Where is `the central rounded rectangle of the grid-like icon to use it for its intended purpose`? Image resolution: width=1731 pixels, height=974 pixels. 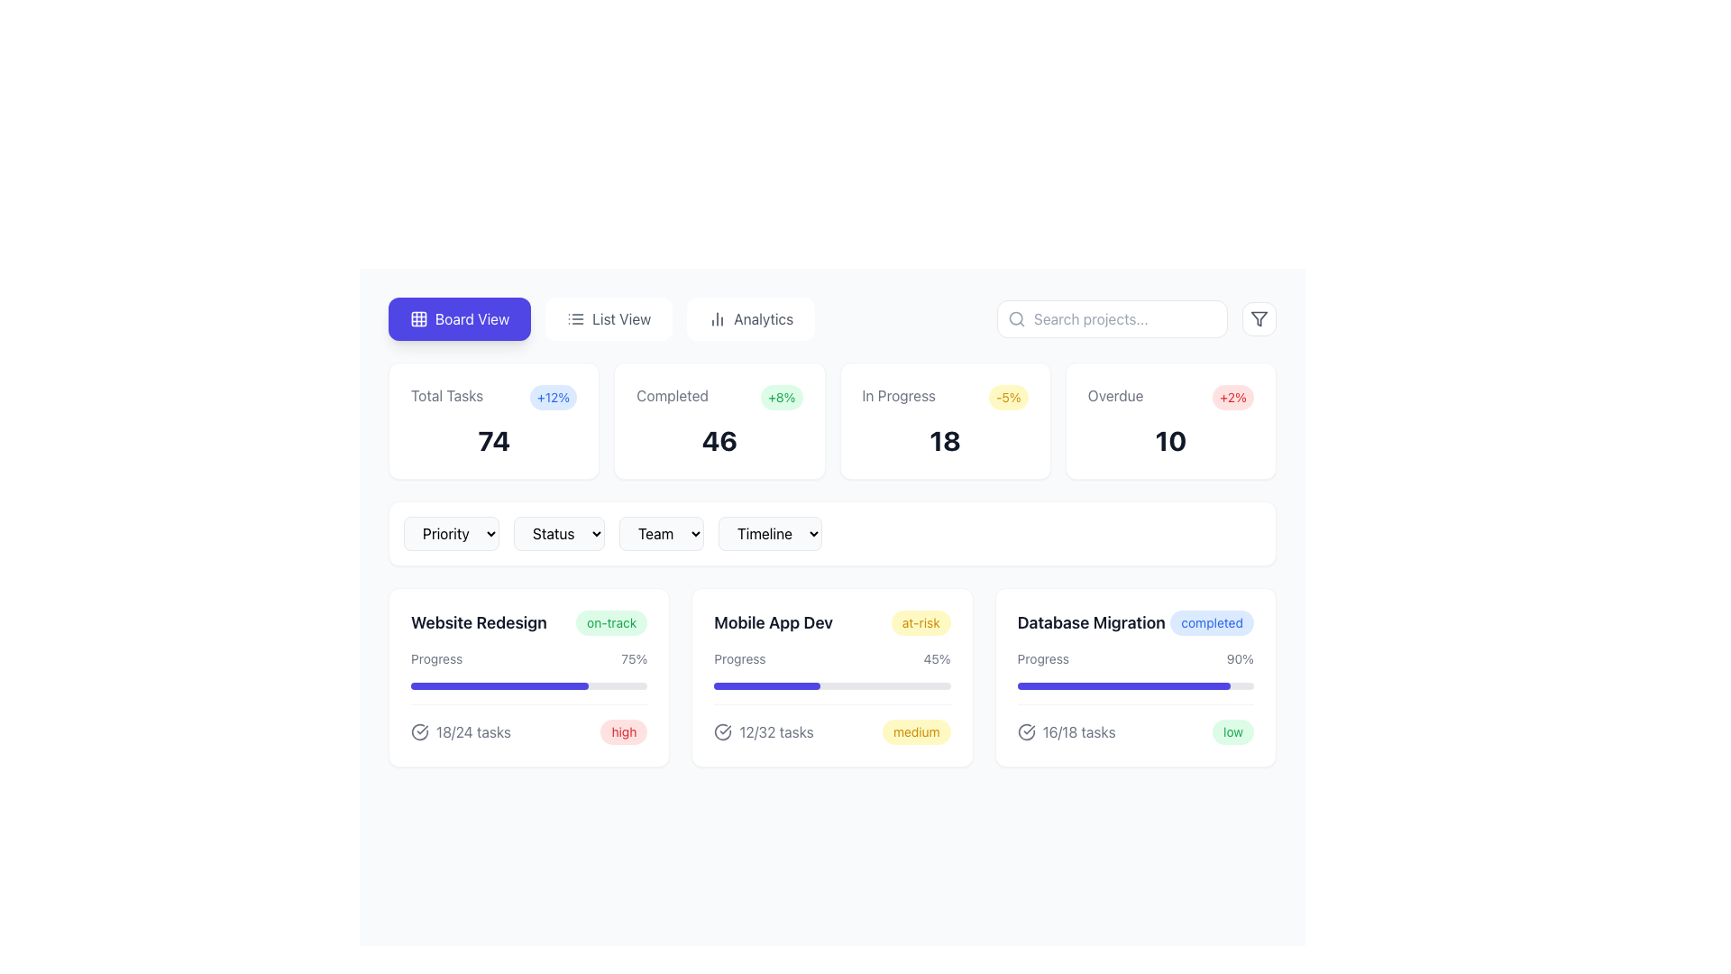 the central rounded rectangle of the grid-like icon to use it for its intended purpose is located at coordinates (418, 318).